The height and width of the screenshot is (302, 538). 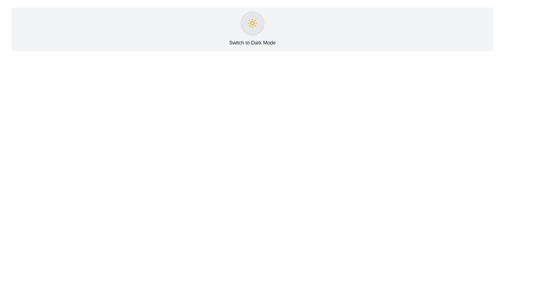 What do you see at coordinates (252, 23) in the screenshot?
I see `the sun icon within the circular button at the top center of the interface, which symbolizes light mode and is used to toggle between light and dark themes` at bounding box center [252, 23].